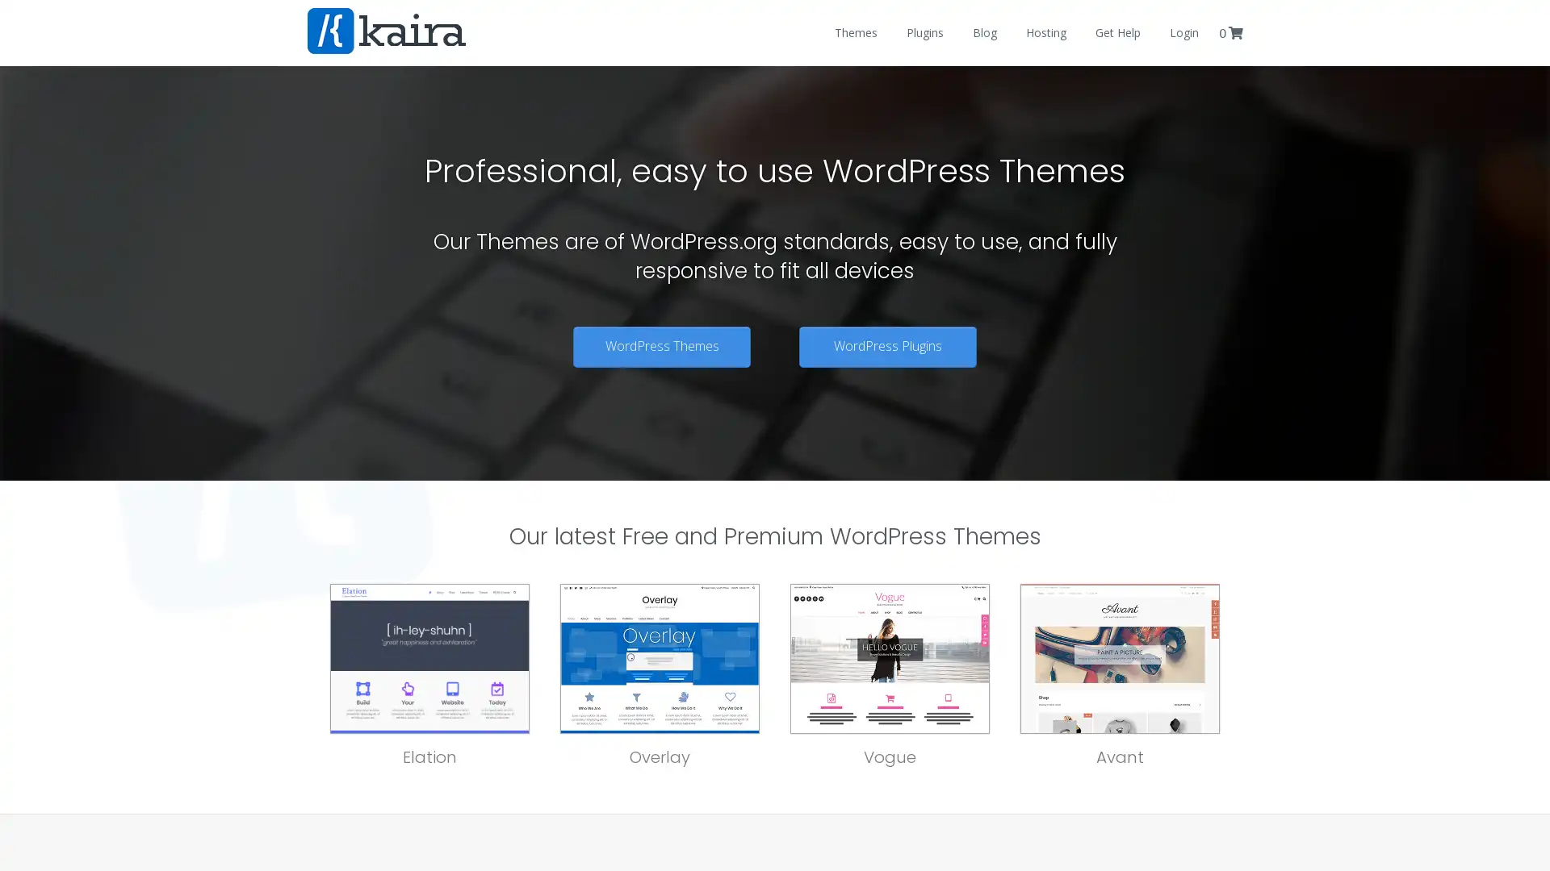 The height and width of the screenshot is (871, 1550). Describe the element at coordinates (886, 345) in the screenshot. I see `WordPress Plugins` at that location.